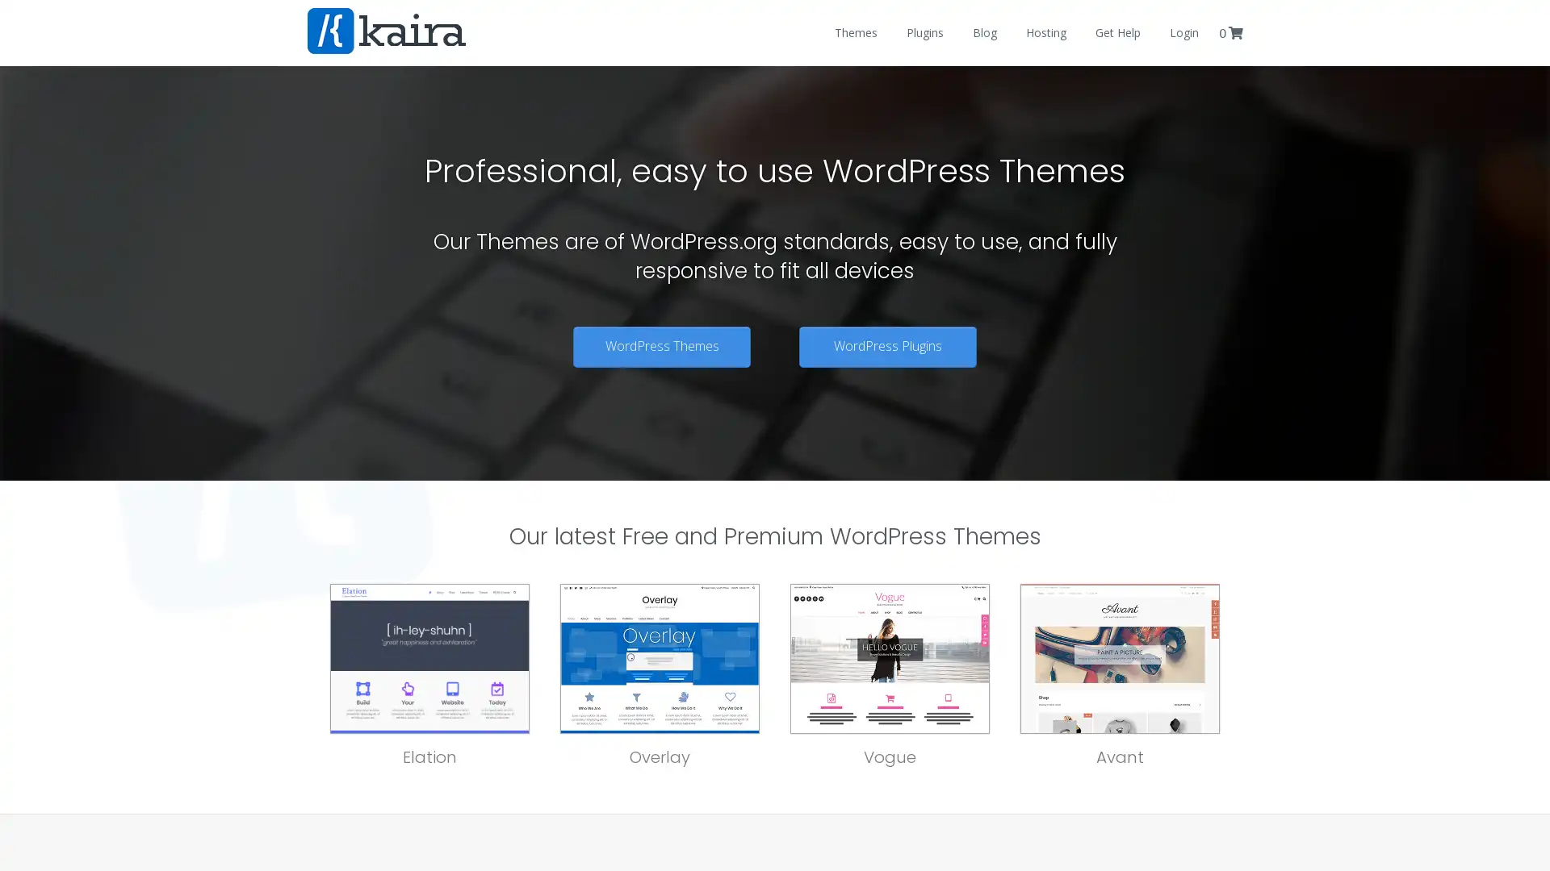 The height and width of the screenshot is (871, 1550). Describe the element at coordinates (886, 345) in the screenshot. I see `WordPress Plugins` at that location.